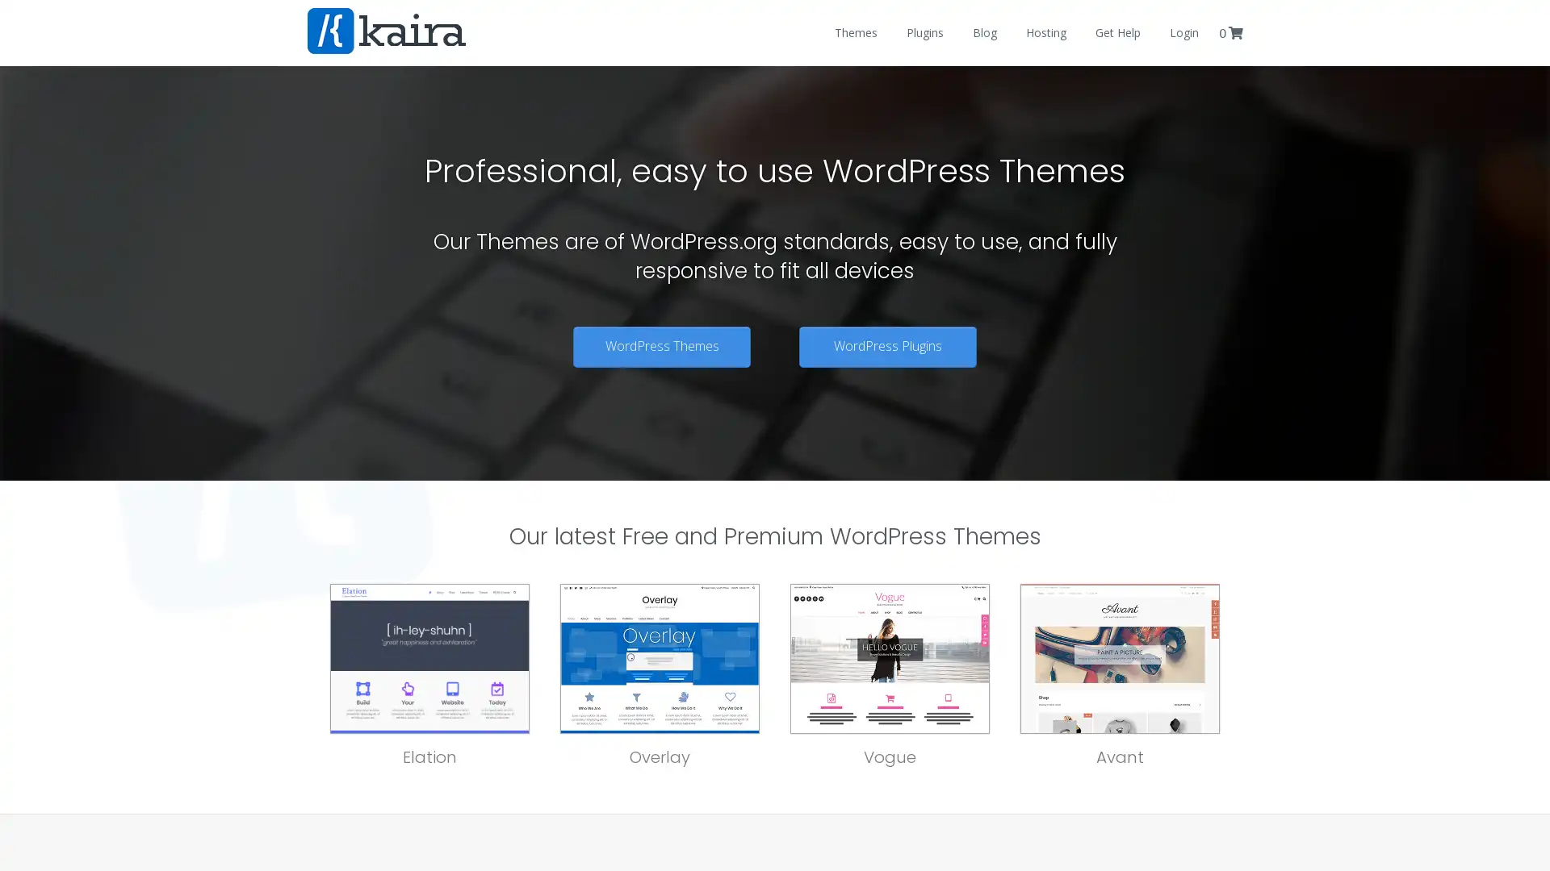 The height and width of the screenshot is (871, 1550). Describe the element at coordinates (886, 345) in the screenshot. I see `WordPress Plugins` at that location.